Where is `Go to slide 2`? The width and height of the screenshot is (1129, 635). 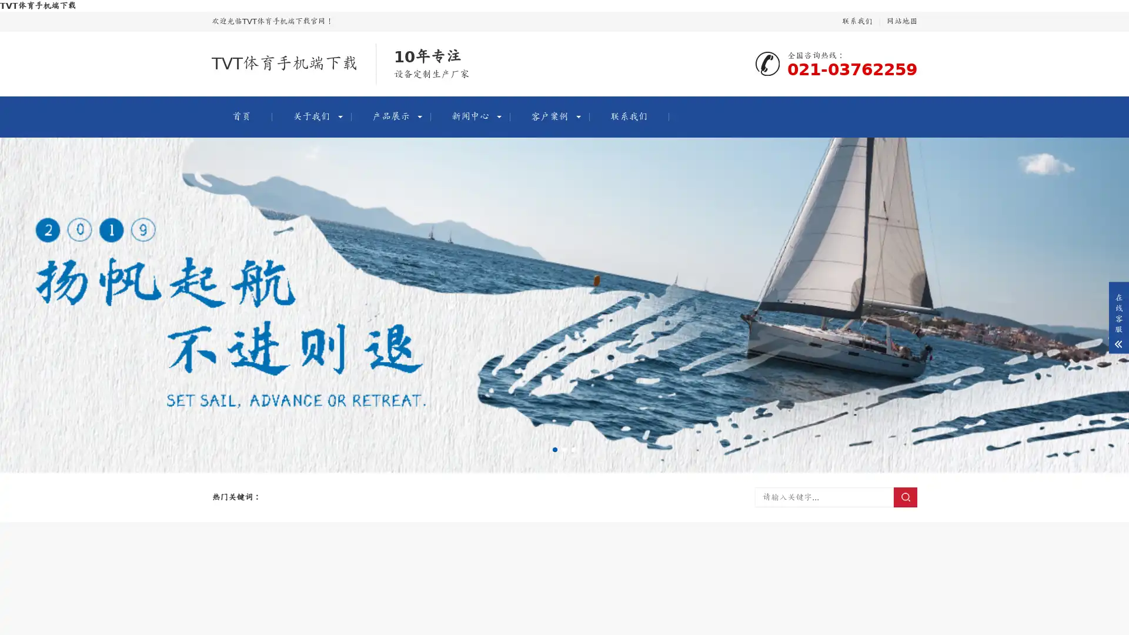
Go to slide 2 is located at coordinates (564, 449).